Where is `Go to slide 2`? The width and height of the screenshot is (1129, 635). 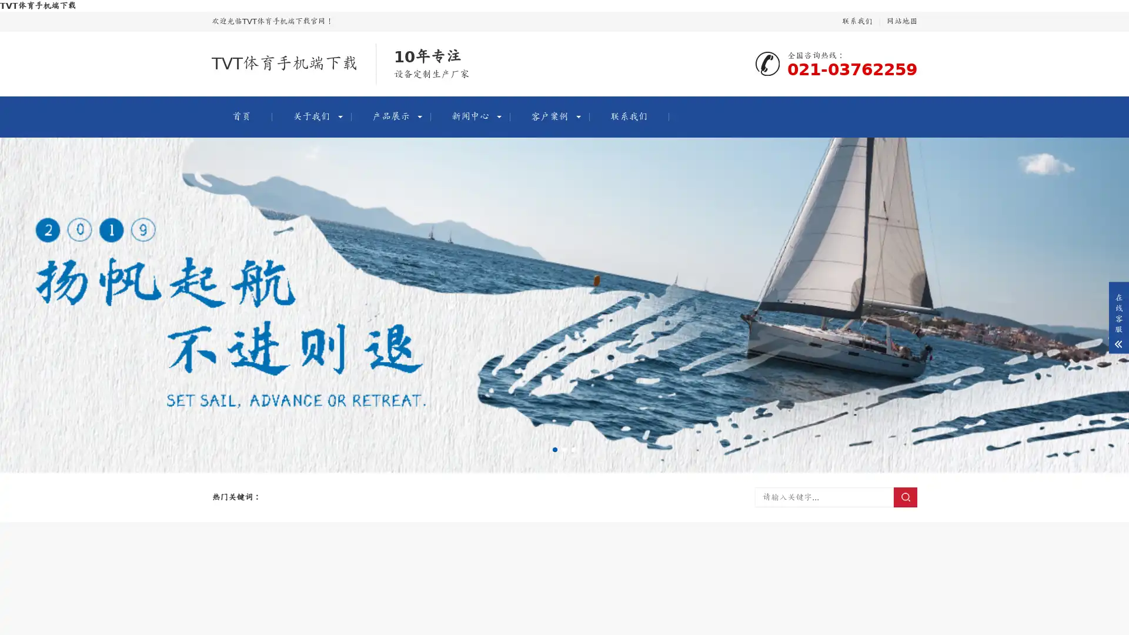
Go to slide 2 is located at coordinates (564, 449).